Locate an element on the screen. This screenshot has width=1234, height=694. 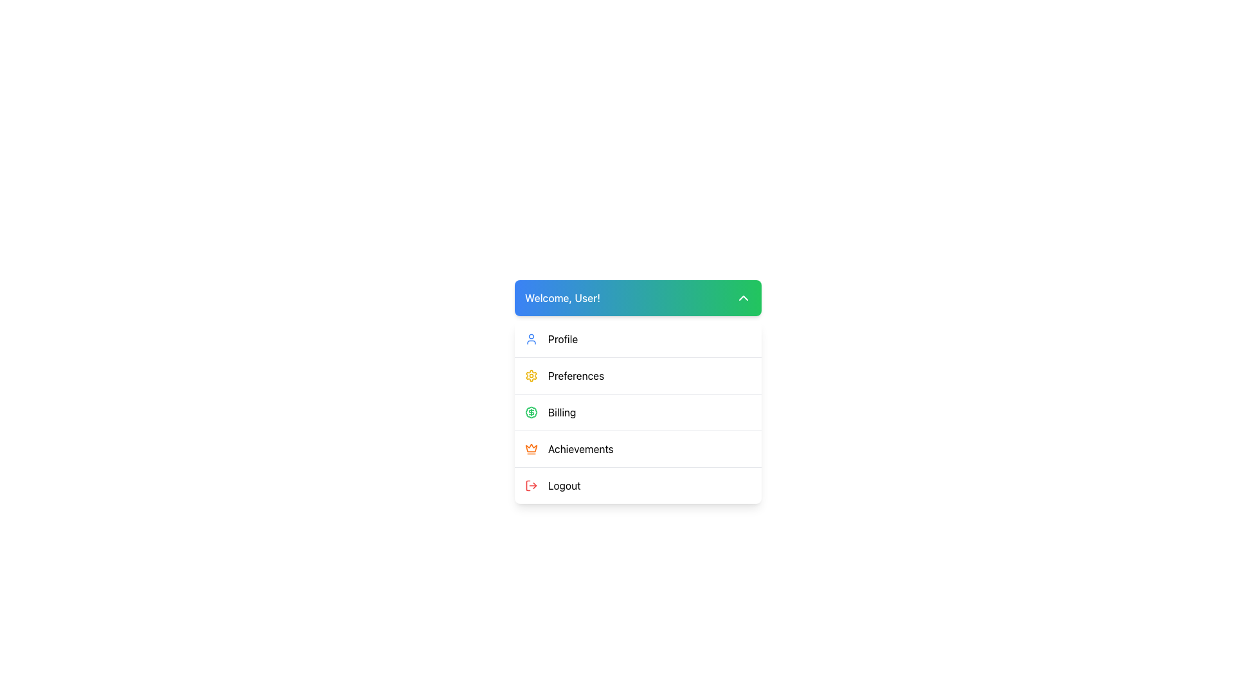
the green circular dollar sign icon located in the third row of the dropdown menu, immediately to the left of the text 'Billing' is located at coordinates (531, 412).